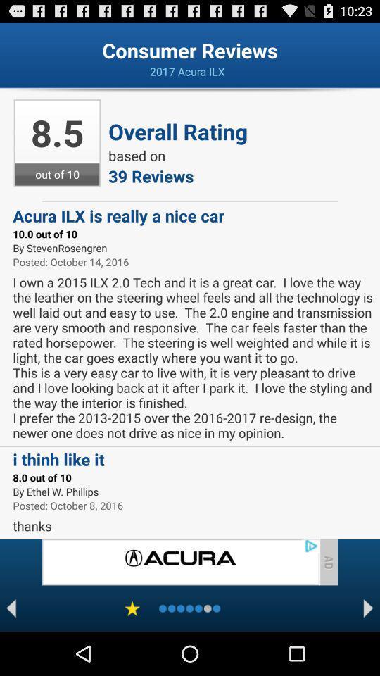 This screenshot has width=380, height=676. I want to click on the star icon, so click(132, 651).